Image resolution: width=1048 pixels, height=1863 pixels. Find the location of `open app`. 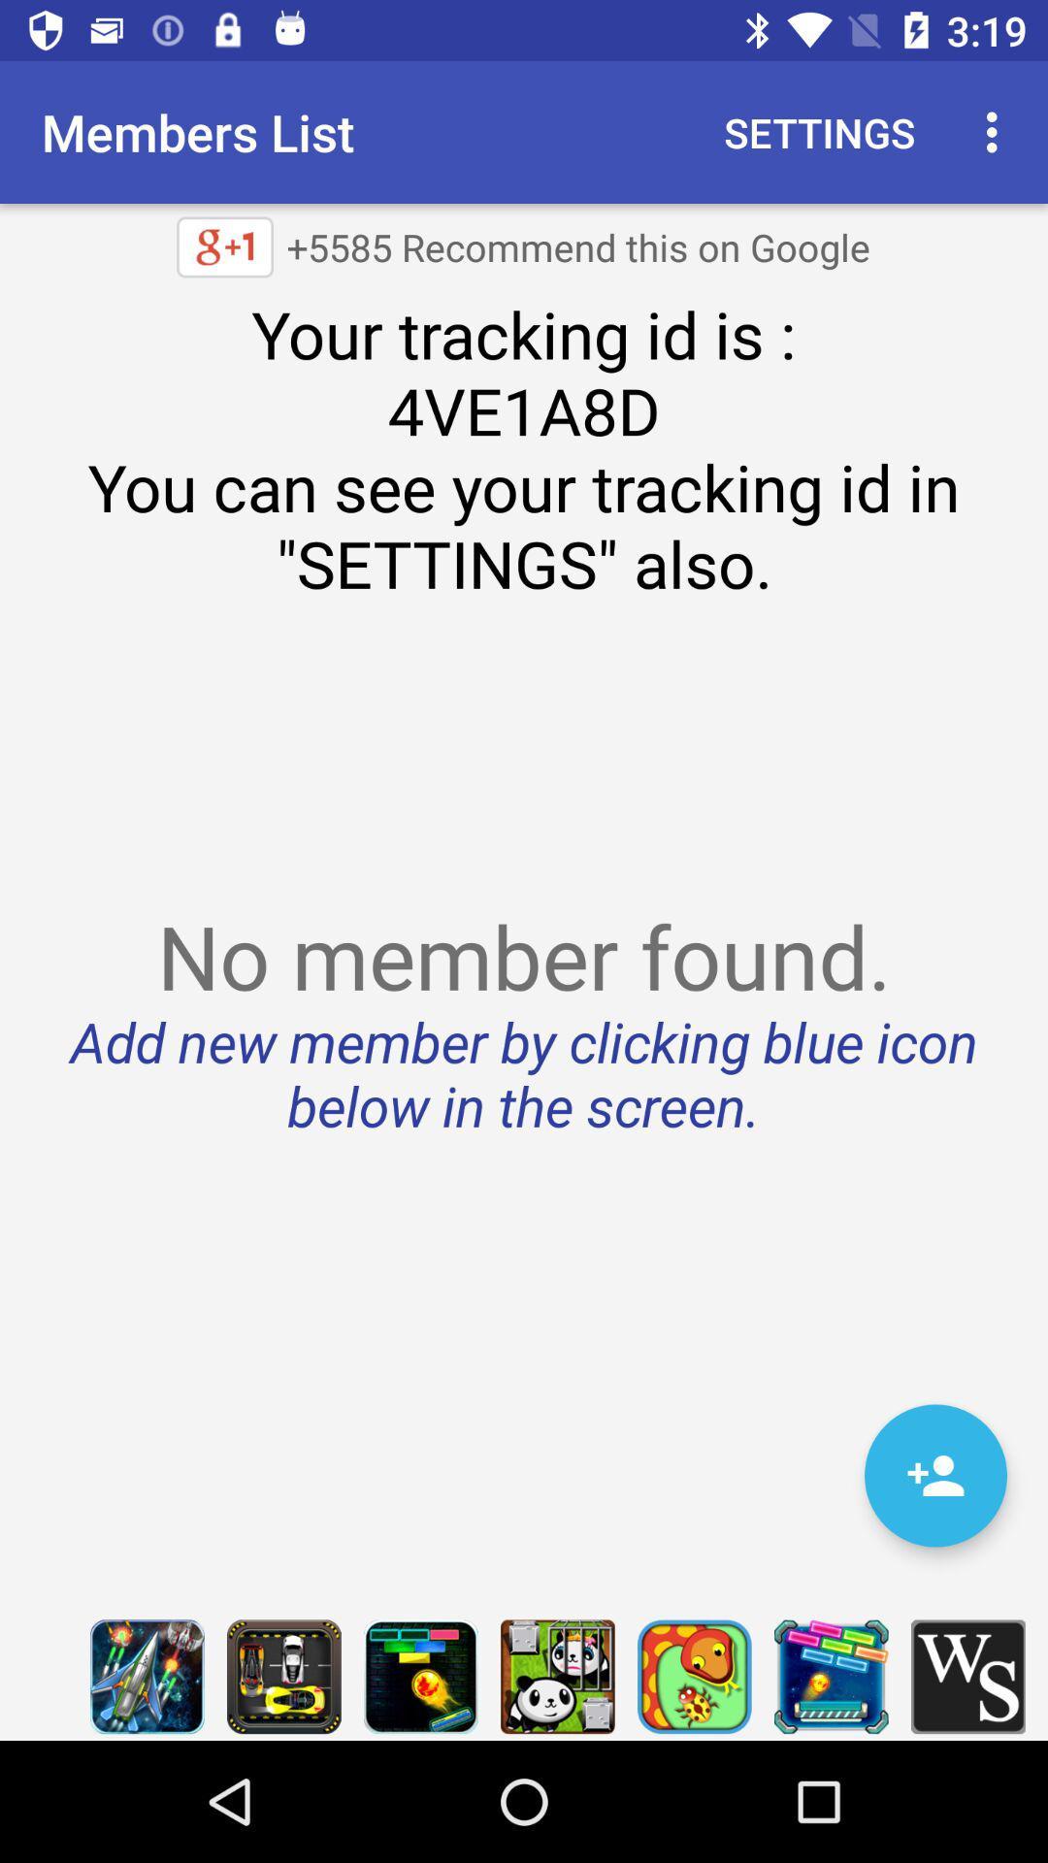

open app is located at coordinates (830, 1676).